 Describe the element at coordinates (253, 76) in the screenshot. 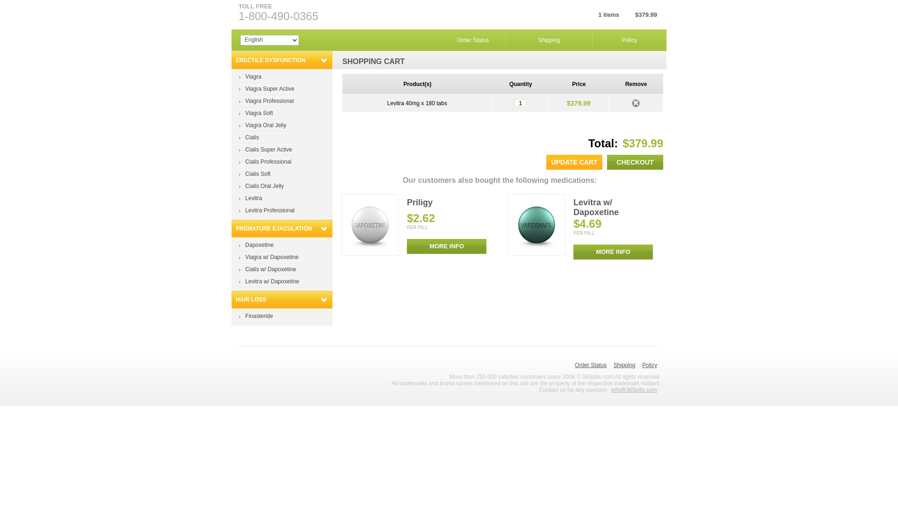

I see `'Viagra'` at that location.